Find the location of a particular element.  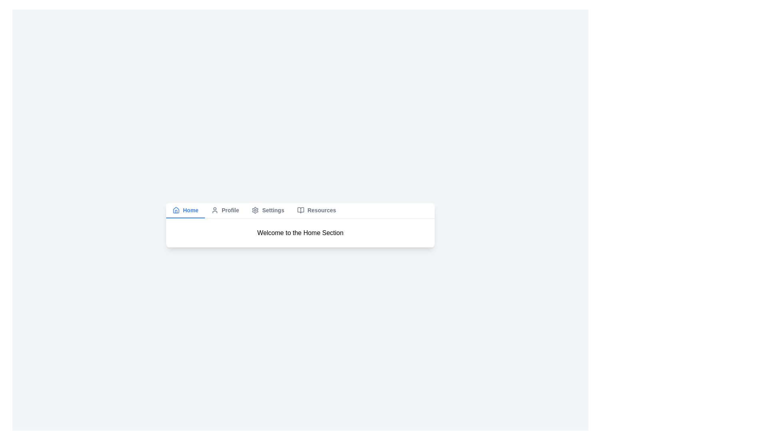

the 'Resources' text label in the navigation bar is located at coordinates (322, 210).